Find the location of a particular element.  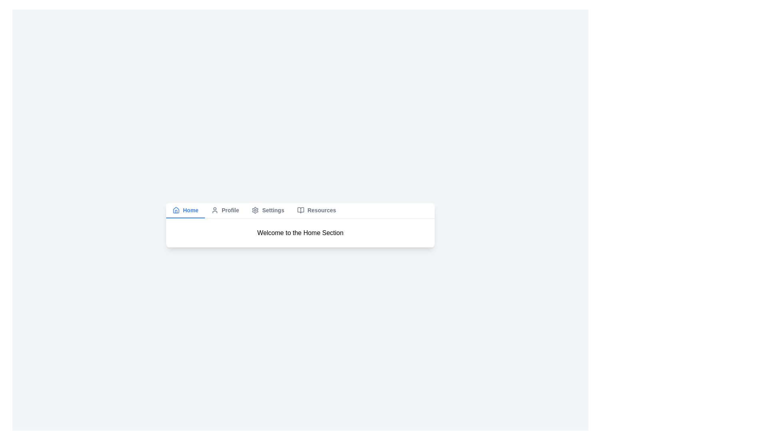

the 'Resources' text label in the navigation bar is located at coordinates (322, 210).